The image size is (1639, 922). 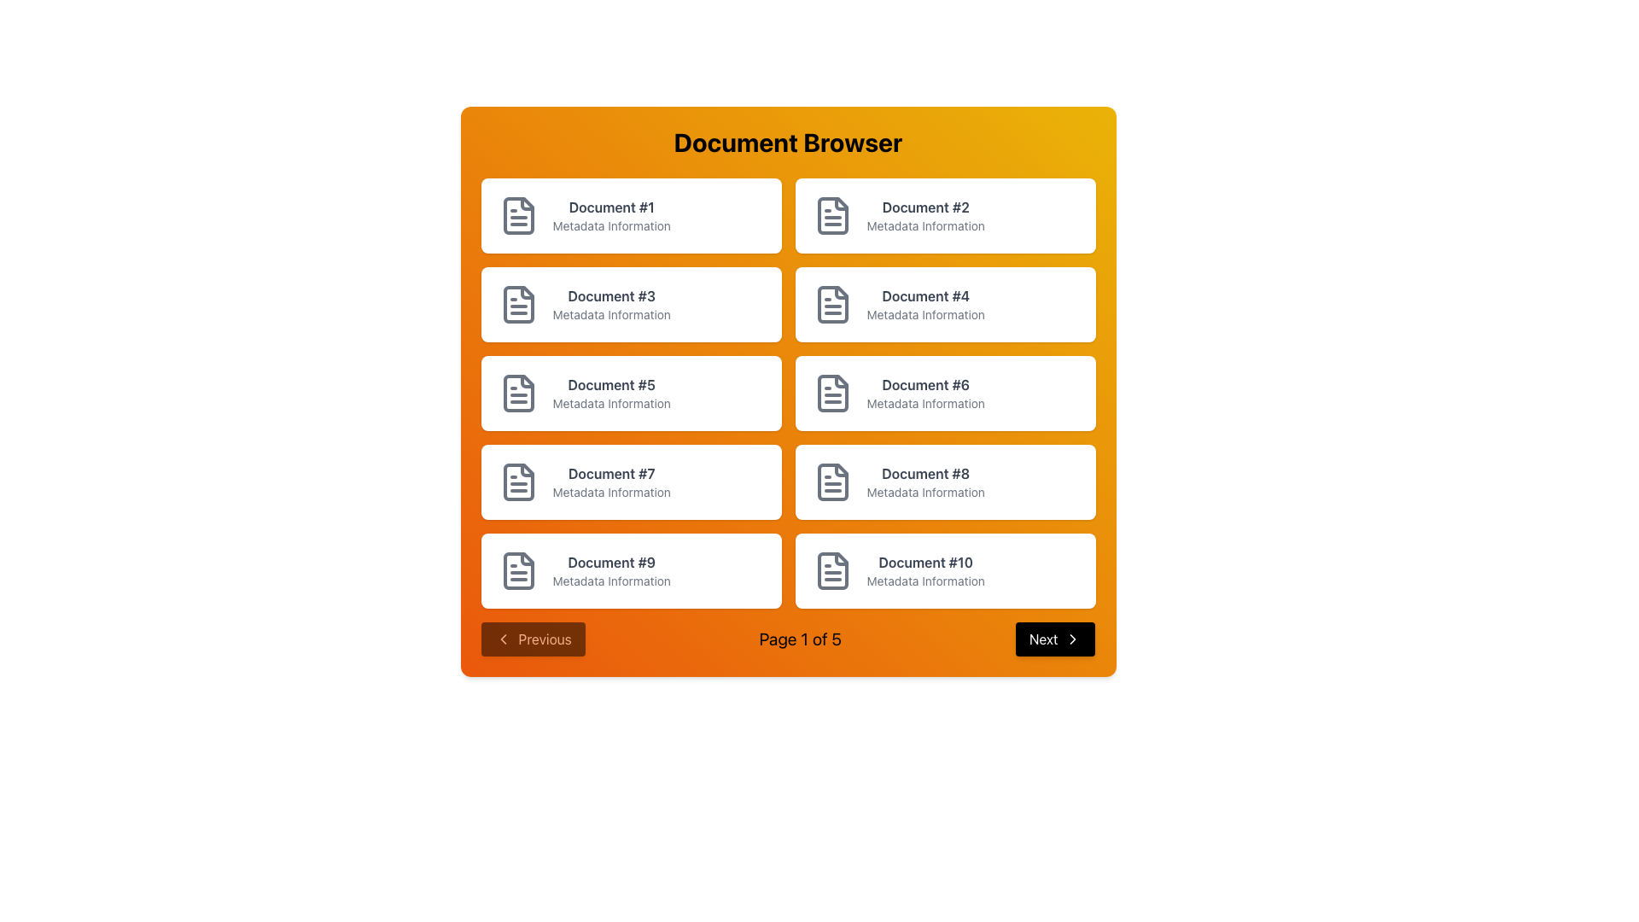 What do you see at coordinates (526, 292) in the screenshot?
I see `the folded corner icon of the document icon, which enhances its visual representation` at bounding box center [526, 292].